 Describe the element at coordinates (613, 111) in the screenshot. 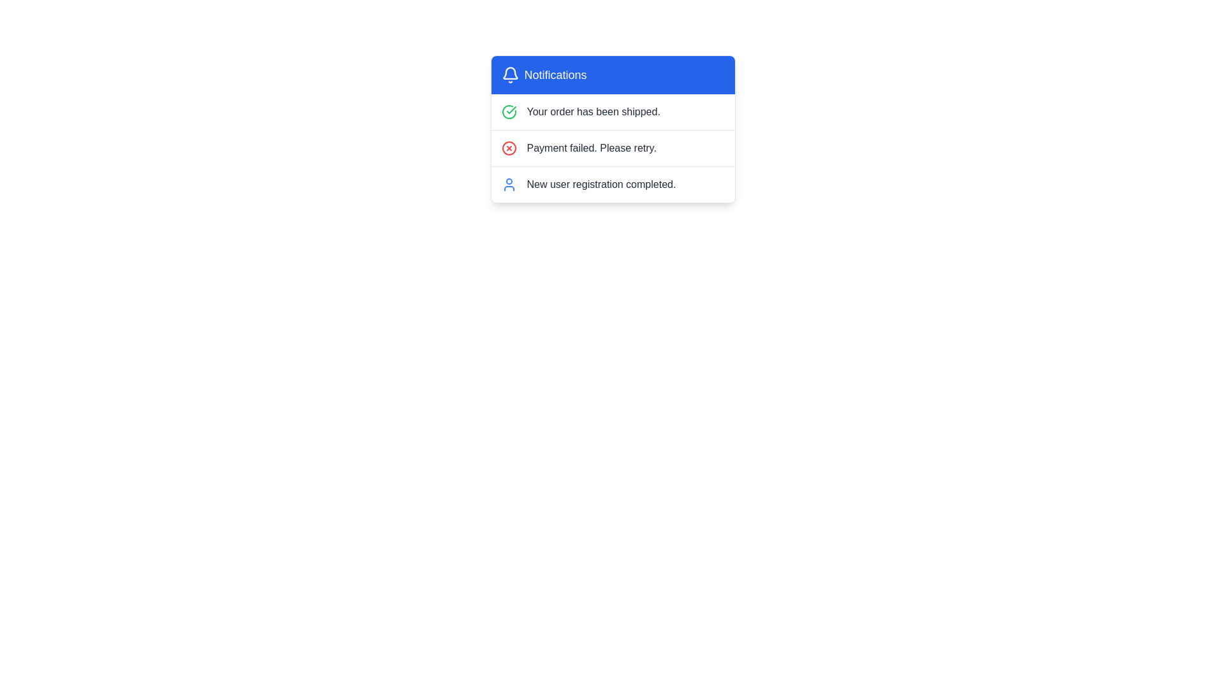

I see `the Notification item indicating that the user's order has been shipped for further details` at that location.